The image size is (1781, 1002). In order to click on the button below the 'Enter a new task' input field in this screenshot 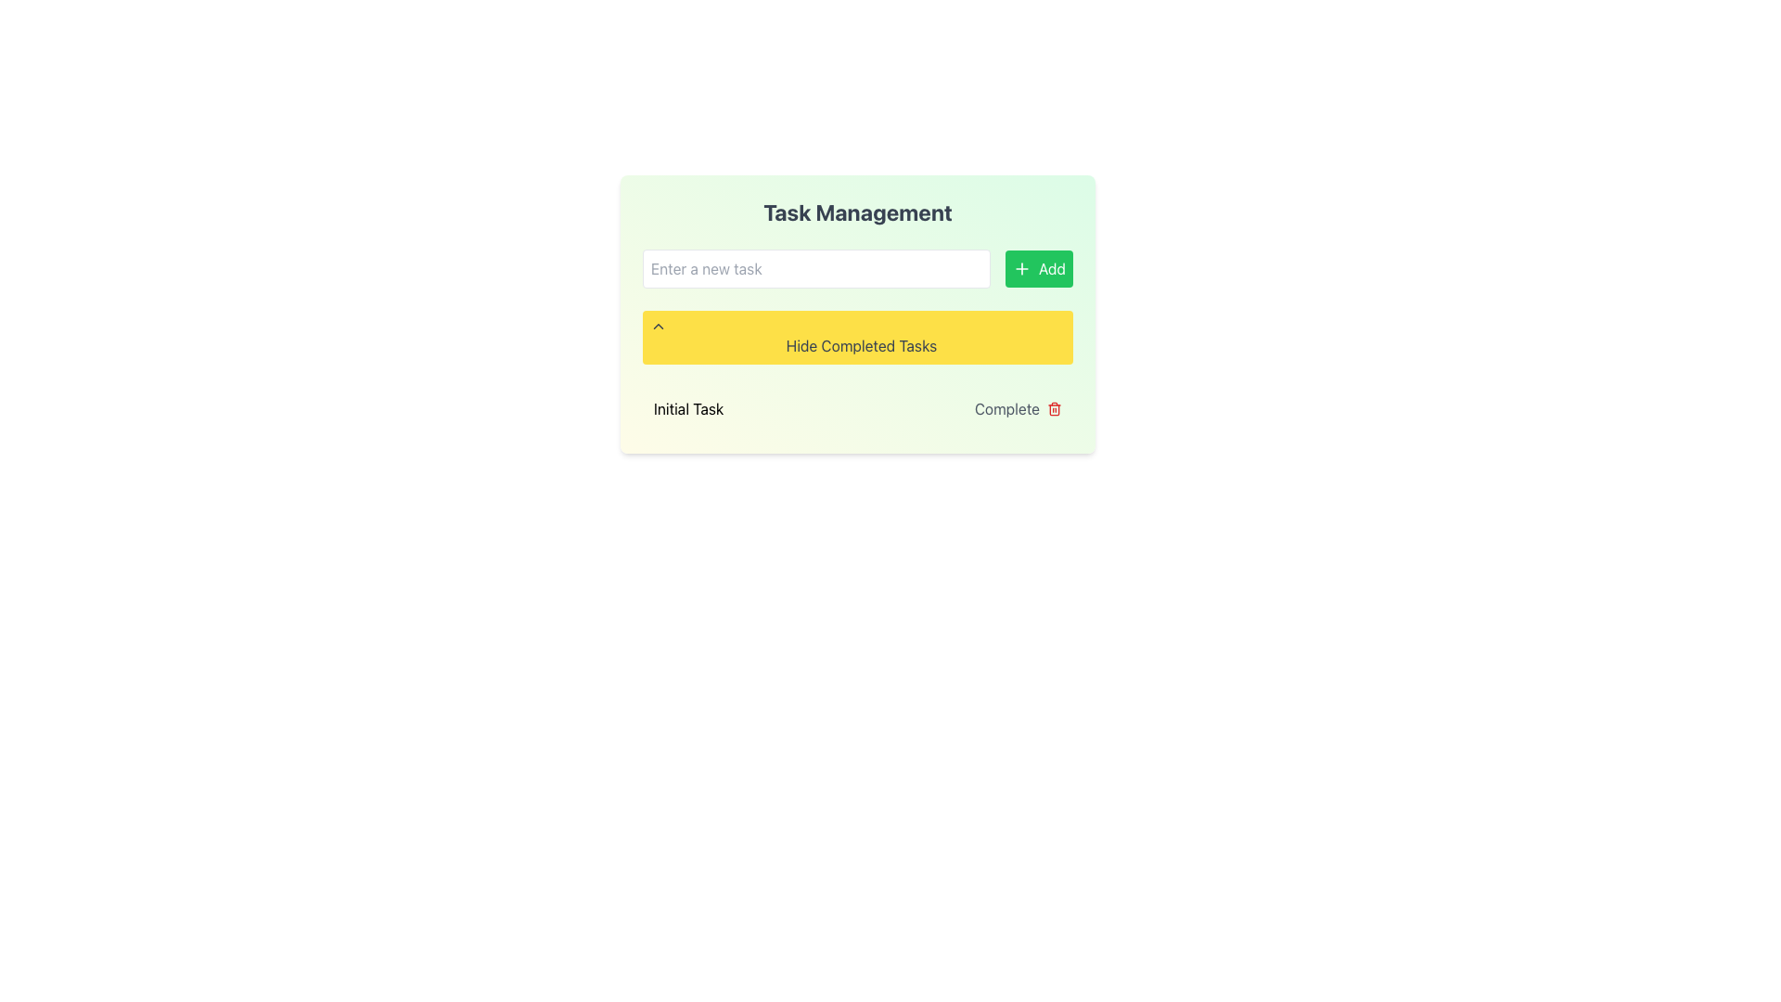, I will do `click(857, 337)`.